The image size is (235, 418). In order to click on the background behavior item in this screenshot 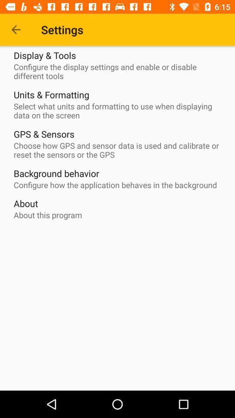, I will do `click(56, 173)`.